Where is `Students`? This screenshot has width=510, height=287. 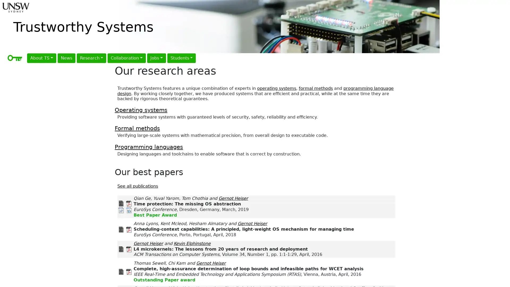
Students is located at coordinates (181, 58).